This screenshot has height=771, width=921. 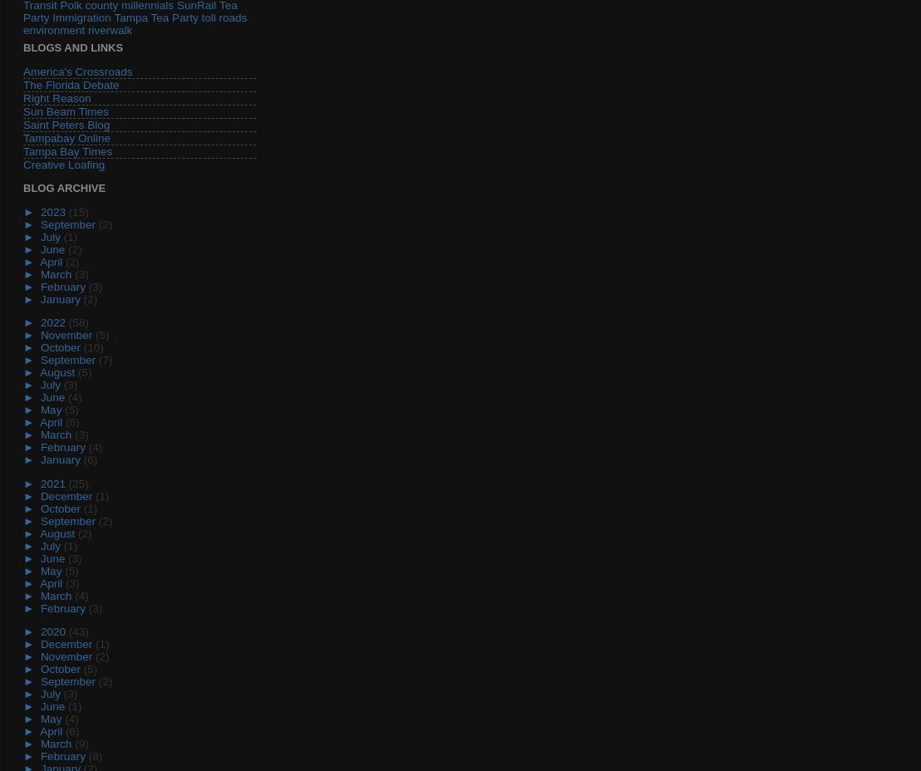 What do you see at coordinates (23, 188) in the screenshot?
I see `'Blog Archive'` at bounding box center [23, 188].